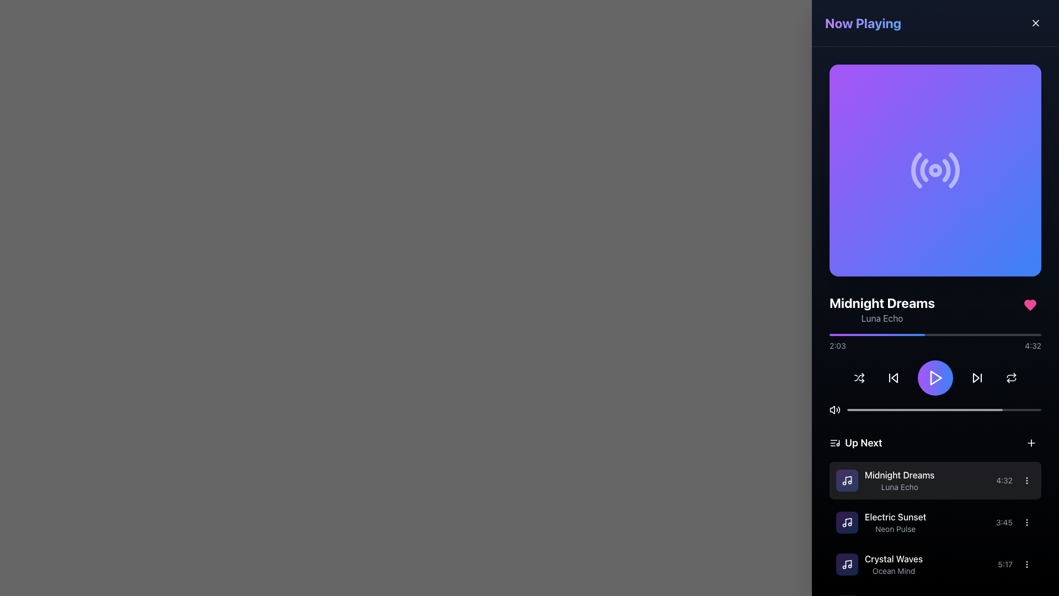 The image size is (1059, 596). Describe the element at coordinates (894, 377) in the screenshot. I see `the skip-back button located in the interactive control panel of the media player, which is the second button from the left in the playback control icons` at that location.